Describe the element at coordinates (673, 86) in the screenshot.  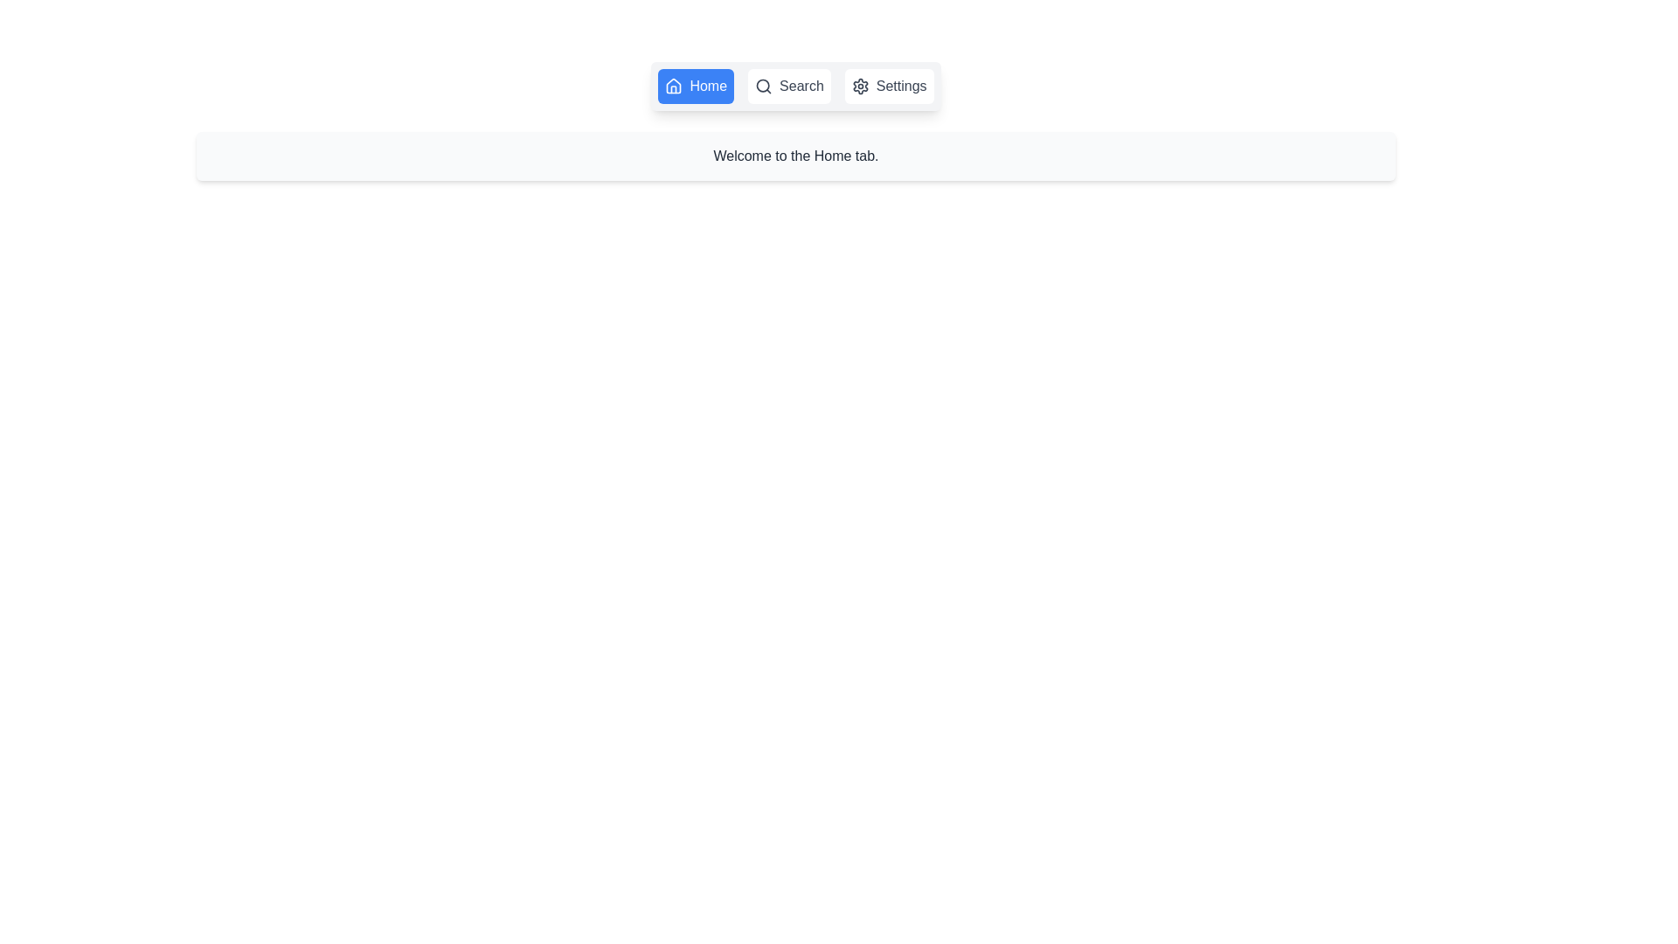
I see `the house icon located on the far-left side of the top navigation bar, which is associated with the 'Home' label` at that location.